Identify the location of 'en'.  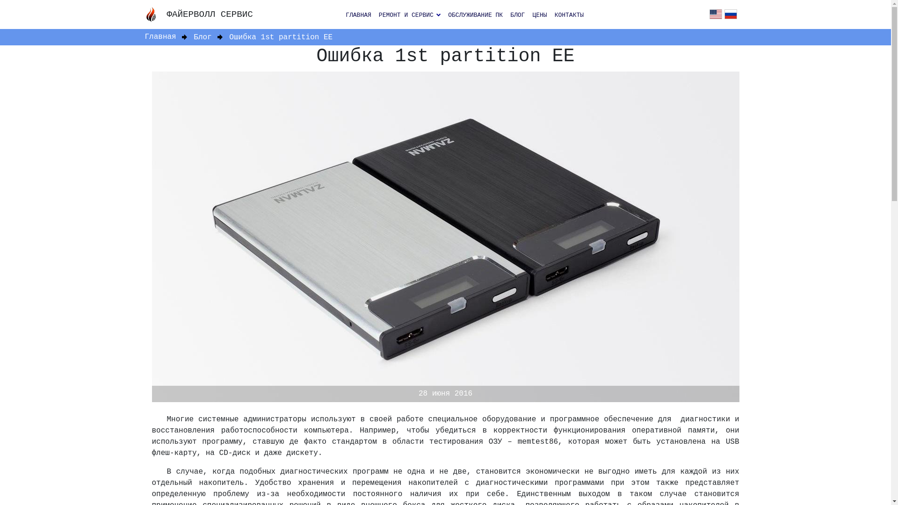
(715, 14).